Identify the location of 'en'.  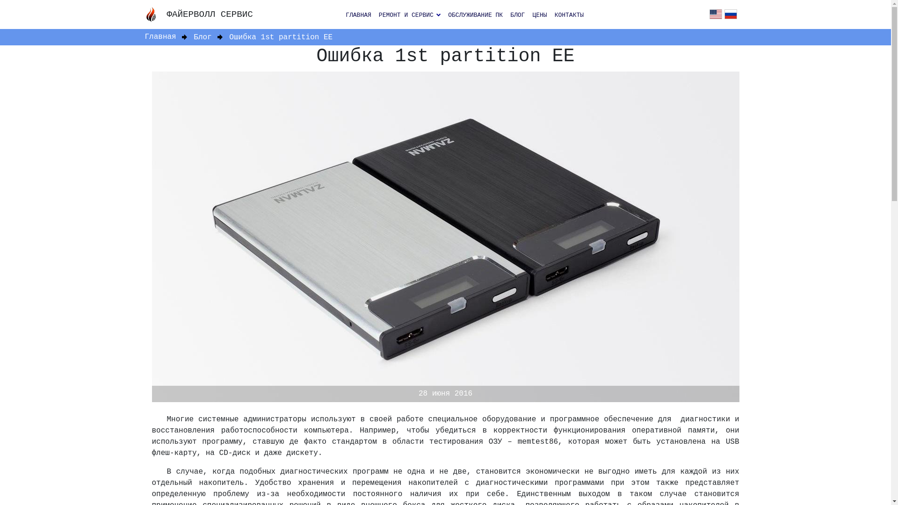
(715, 14).